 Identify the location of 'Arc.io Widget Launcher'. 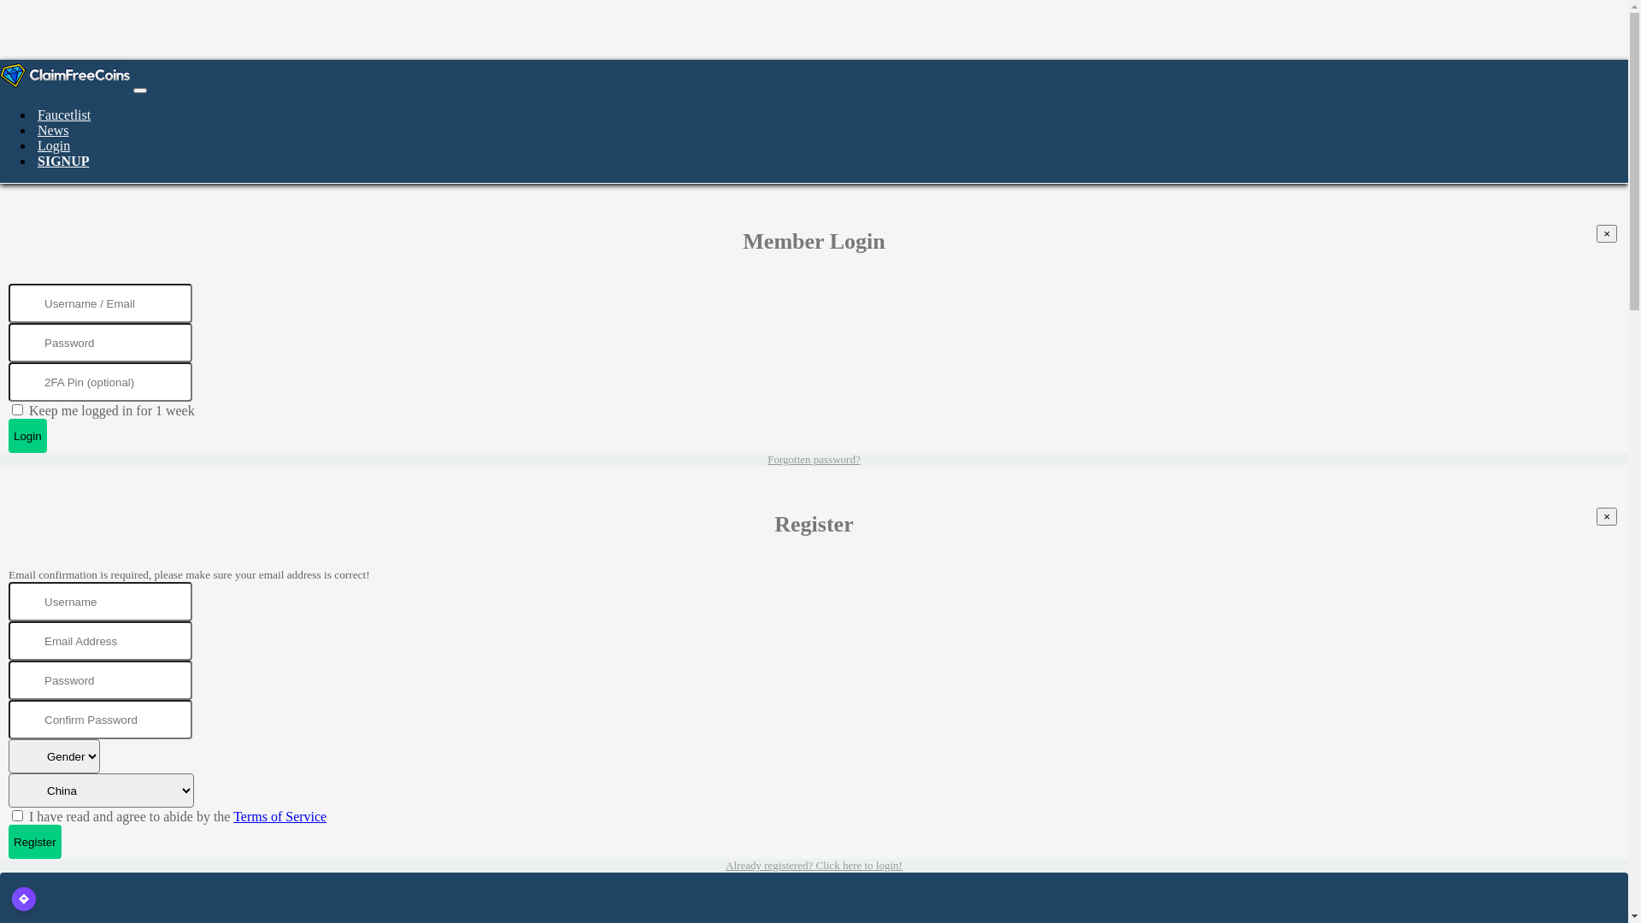
(24, 898).